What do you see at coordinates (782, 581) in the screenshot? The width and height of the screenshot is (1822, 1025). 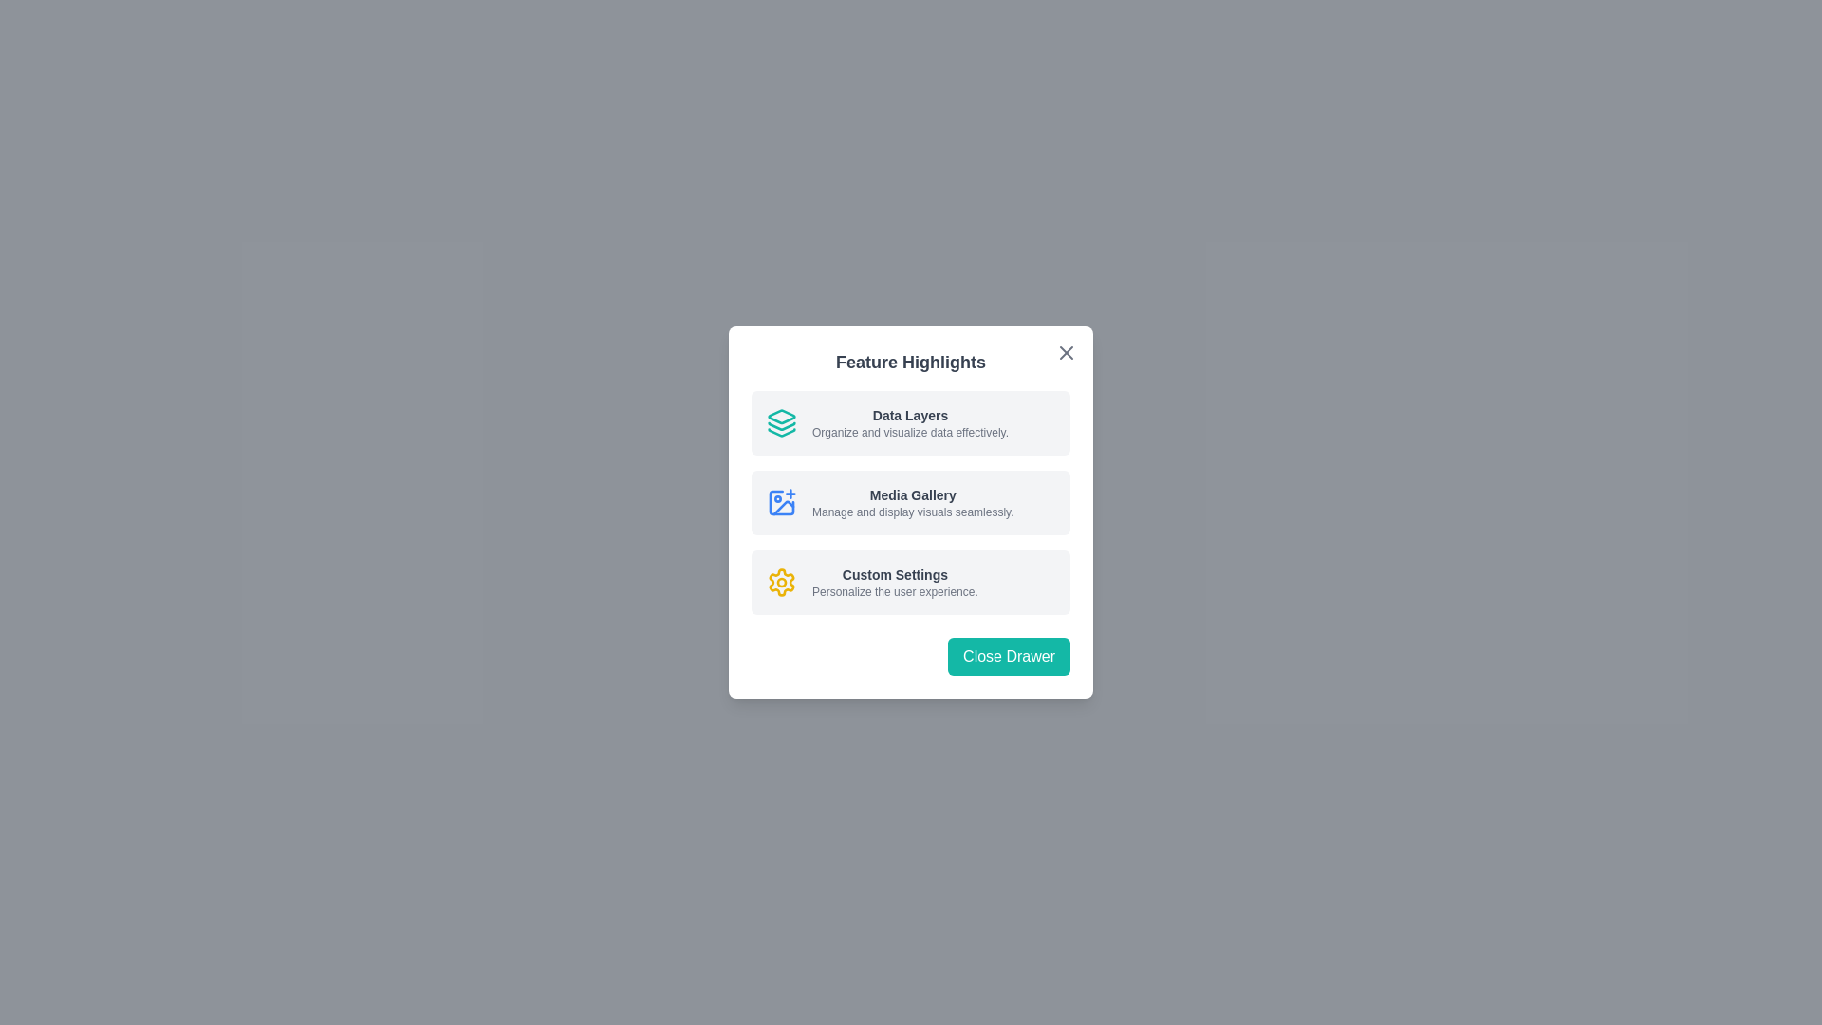 I see `the settings icon representing the 'Custom Settings' feature, located to the left of the 'Custom Settings' text within a vertical card interface` at bounding box center [782, 581].